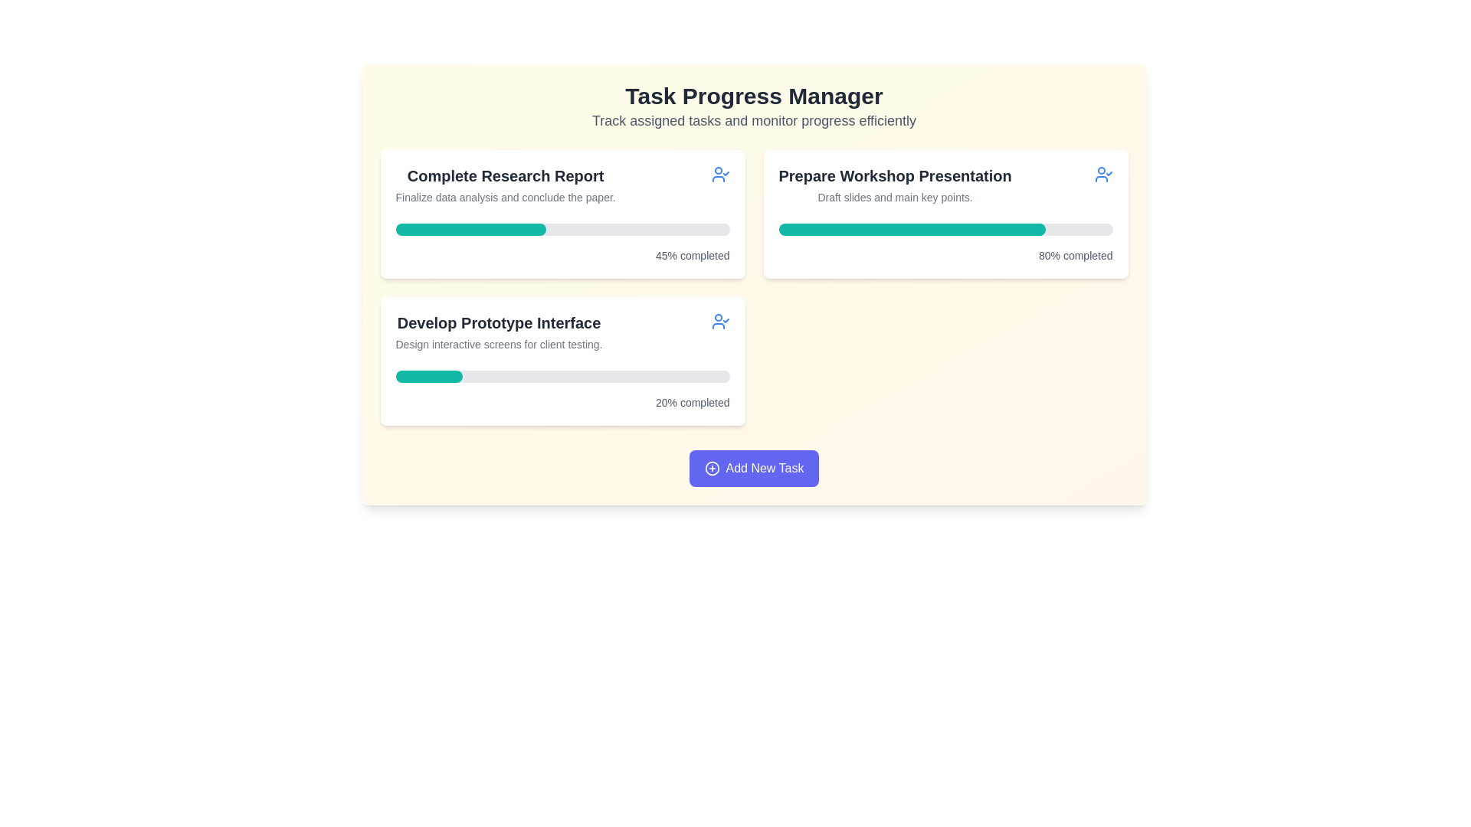  What do you see at coordinates (895, 185) in the screenshot?
I see `the text block displaying the task header 'Prepare Workshop Presentation' and the subtitle 'Draft slides and main key points.'` at bounding box center [895, 185].